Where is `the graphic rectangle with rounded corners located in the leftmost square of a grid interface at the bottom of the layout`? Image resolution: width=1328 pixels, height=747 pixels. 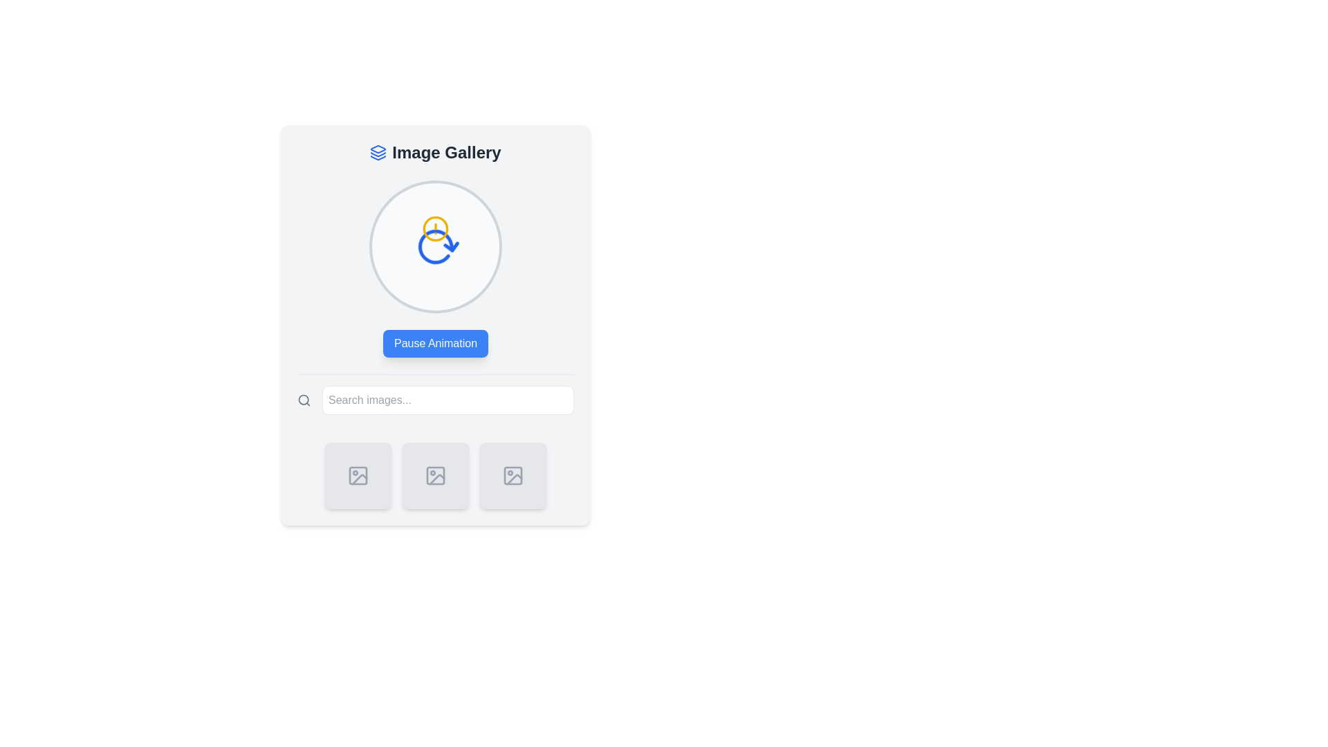
the graphic rectangle with rounded corners located in the leftmost square of a grid interface at the bottom of the layout is located at coordinates (358, 474).